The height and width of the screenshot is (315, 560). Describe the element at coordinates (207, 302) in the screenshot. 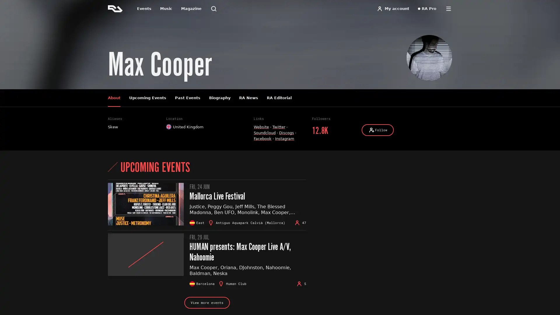

I see `View more events` at that location.